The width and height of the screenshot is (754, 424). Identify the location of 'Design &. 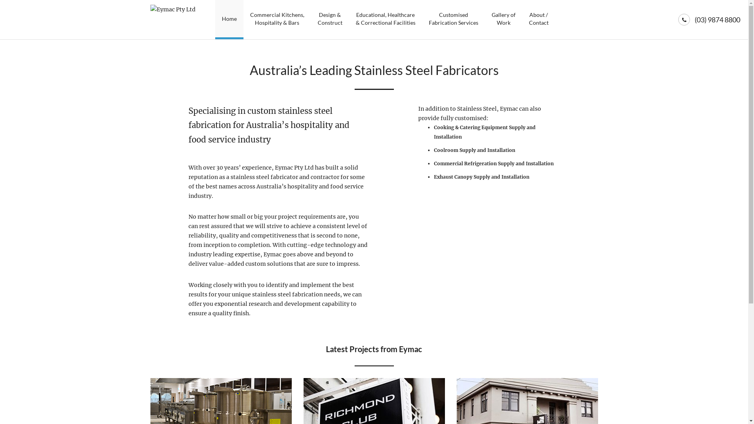
(330, 19).